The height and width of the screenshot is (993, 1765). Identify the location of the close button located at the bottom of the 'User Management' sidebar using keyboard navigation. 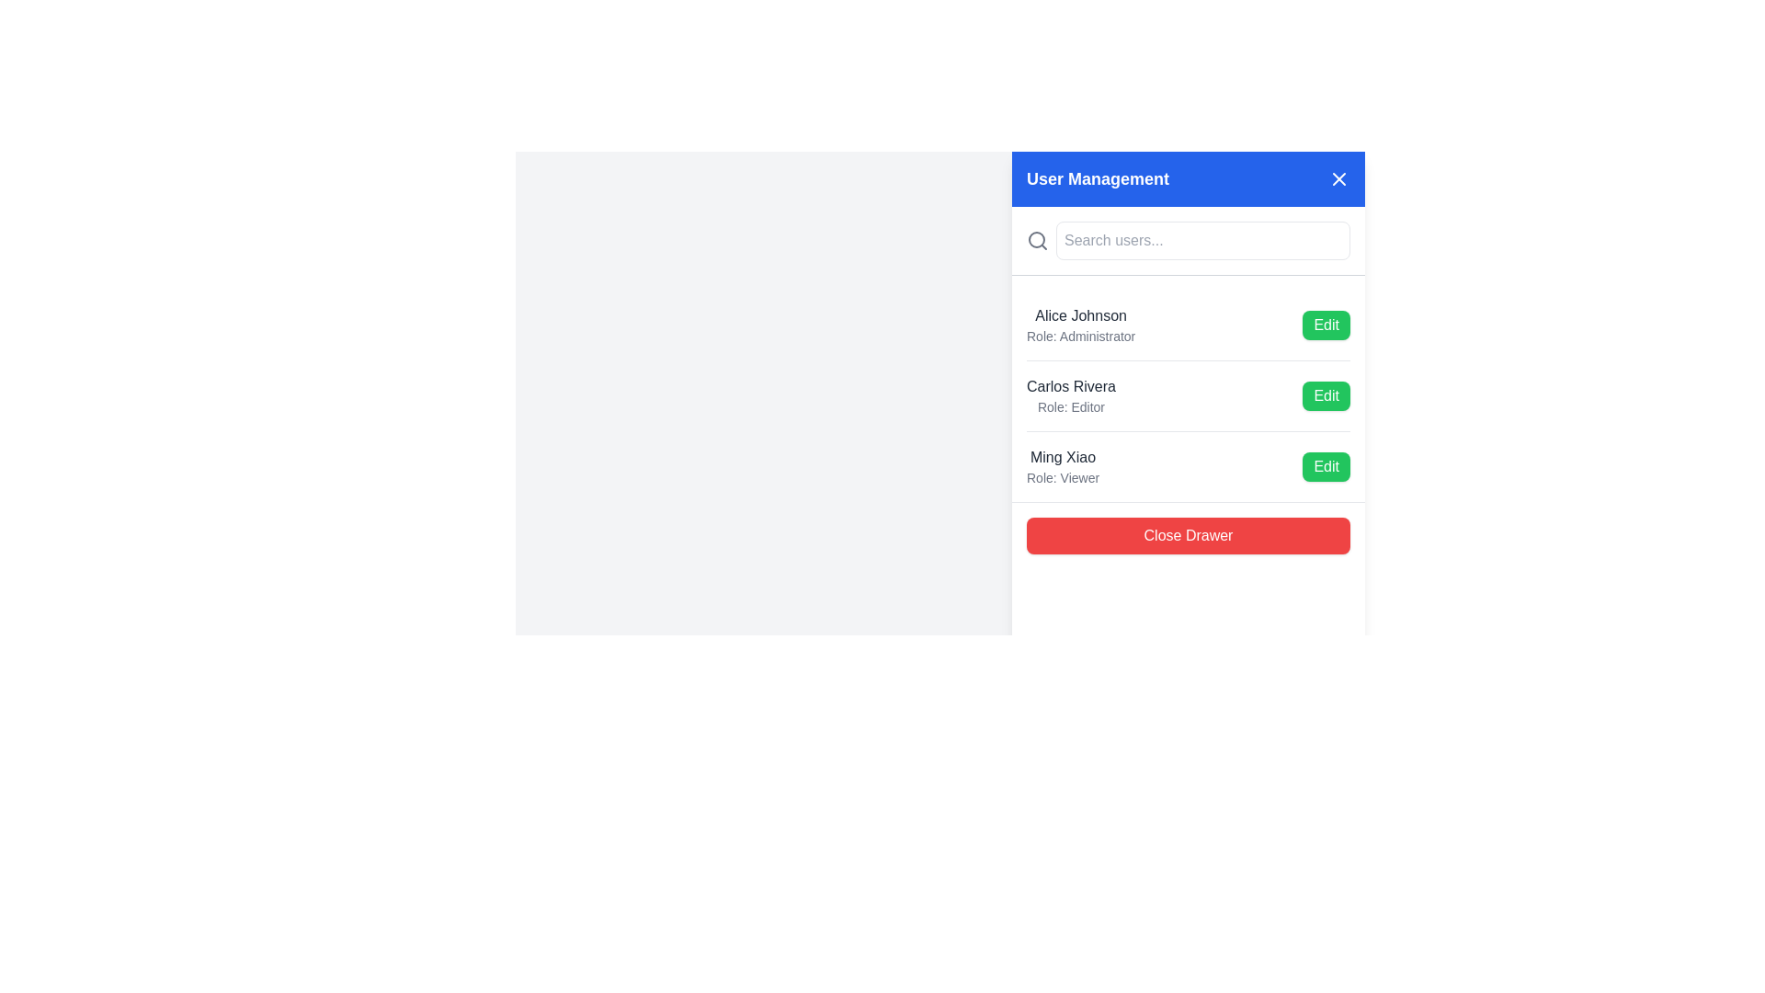
(1188, 535).